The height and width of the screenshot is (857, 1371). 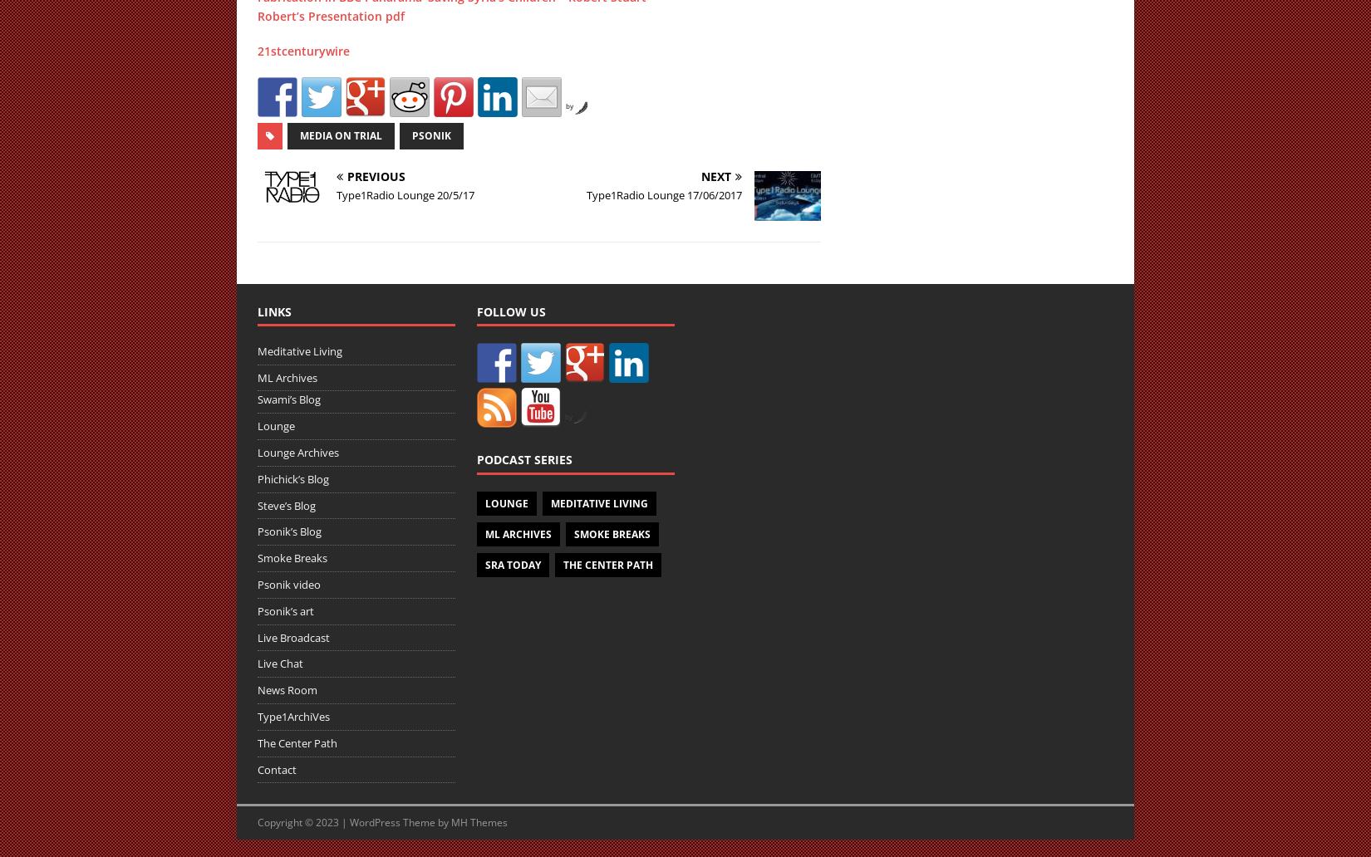 I want to click on 'Type1Radio Lounge 17/06/2017', so click(x=586, y=193).